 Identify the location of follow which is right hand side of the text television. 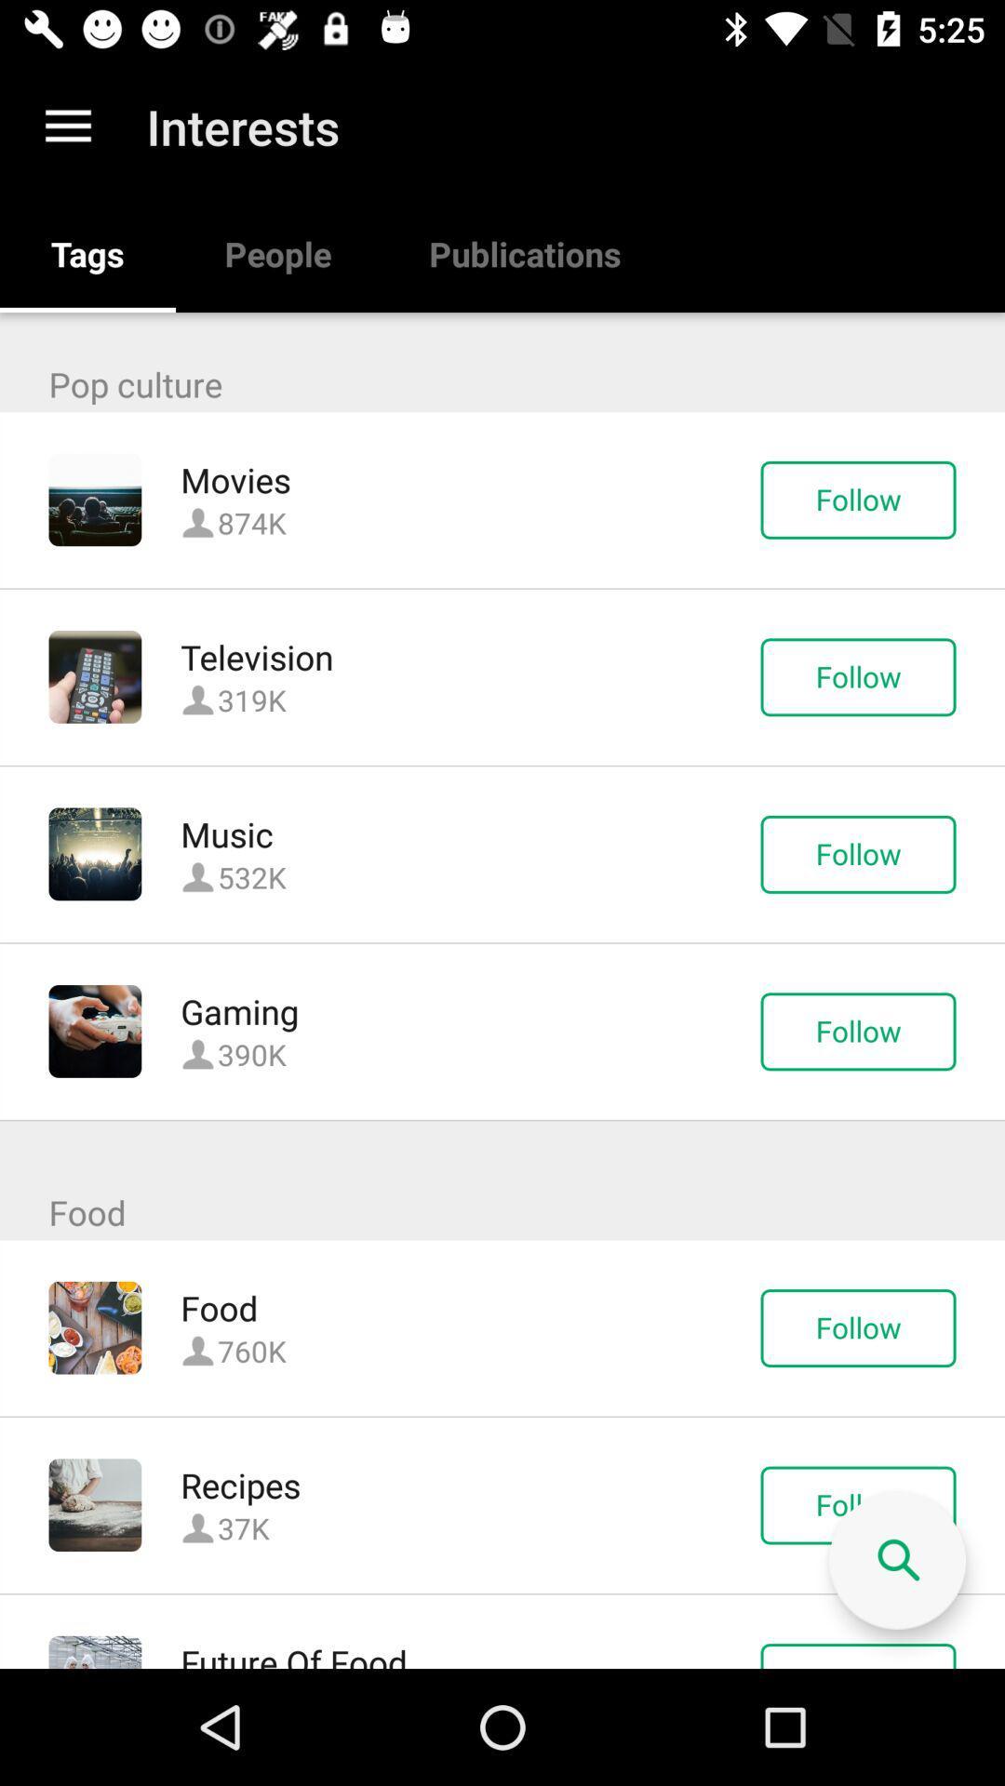
(858, 676).